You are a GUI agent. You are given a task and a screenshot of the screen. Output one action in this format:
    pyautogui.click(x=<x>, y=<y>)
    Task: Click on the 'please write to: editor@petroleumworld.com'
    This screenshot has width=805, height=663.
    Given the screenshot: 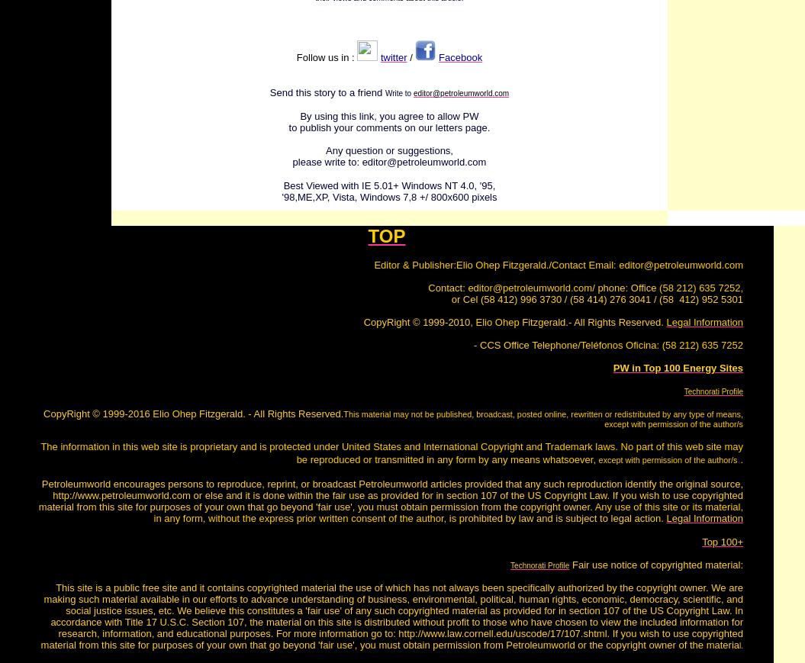 What is the action you would take?
    pyautogui.click(x=388, y=161)
    